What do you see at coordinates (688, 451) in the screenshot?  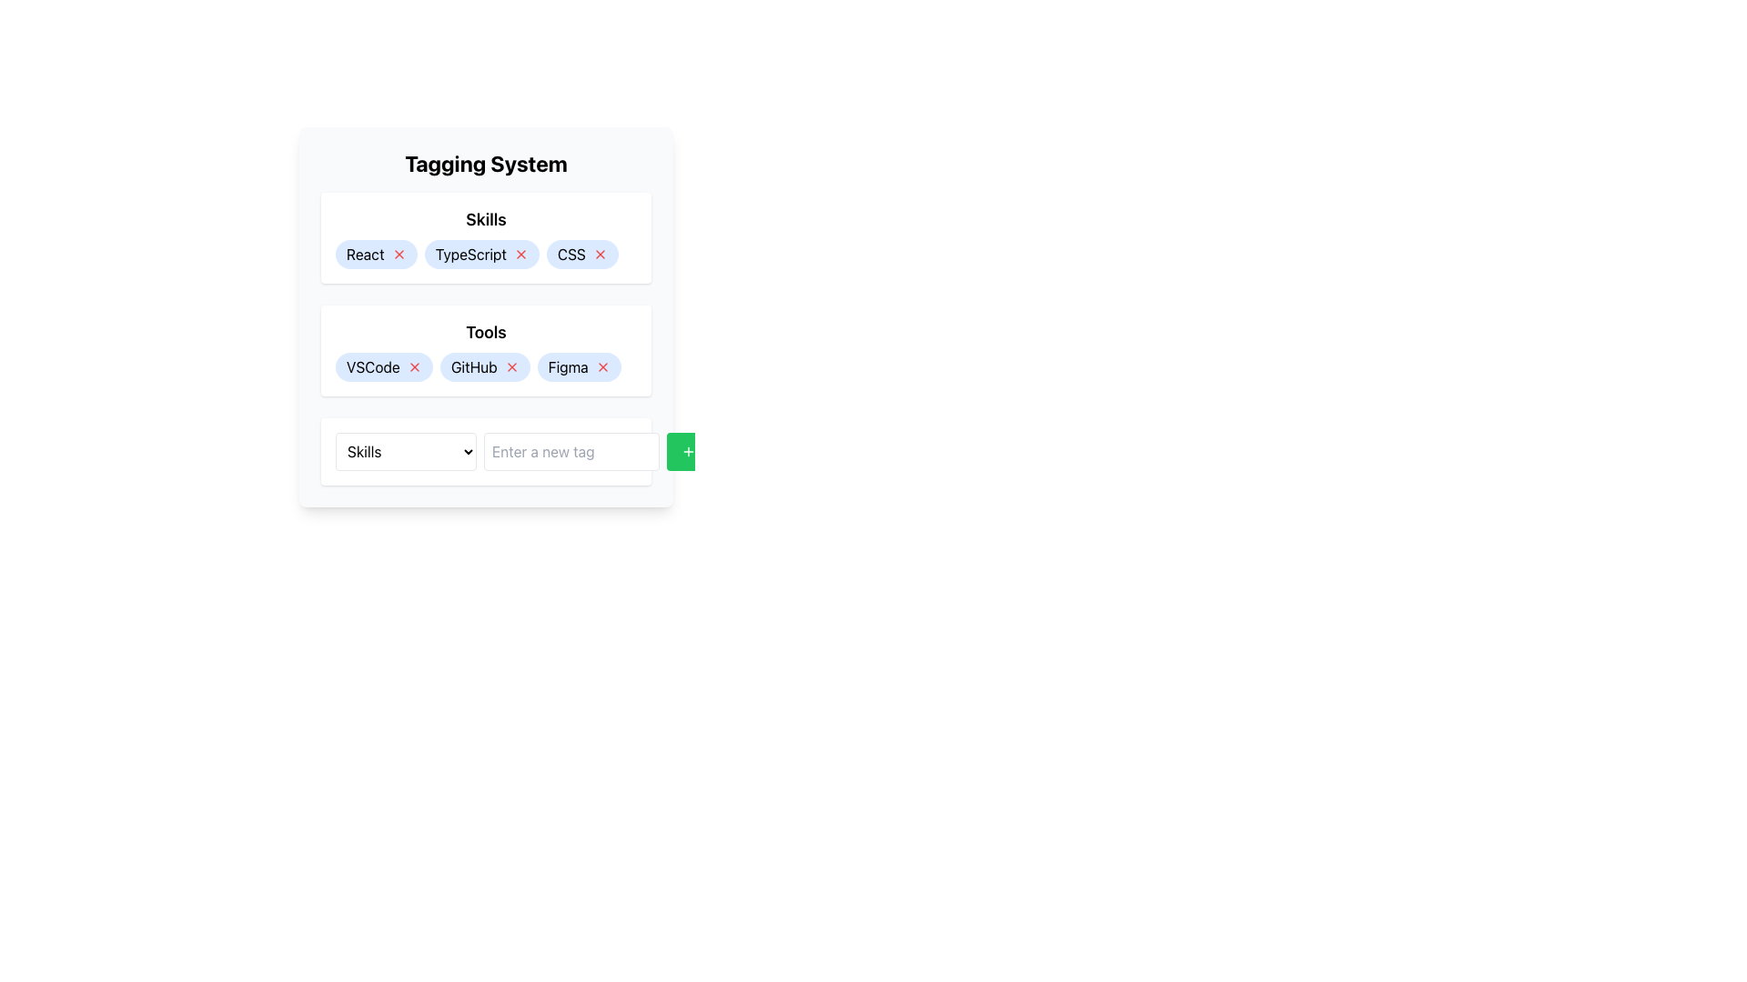 I see `the small square-shaped green button with a white plus sign icon, located` at bounding box center [688, 451].